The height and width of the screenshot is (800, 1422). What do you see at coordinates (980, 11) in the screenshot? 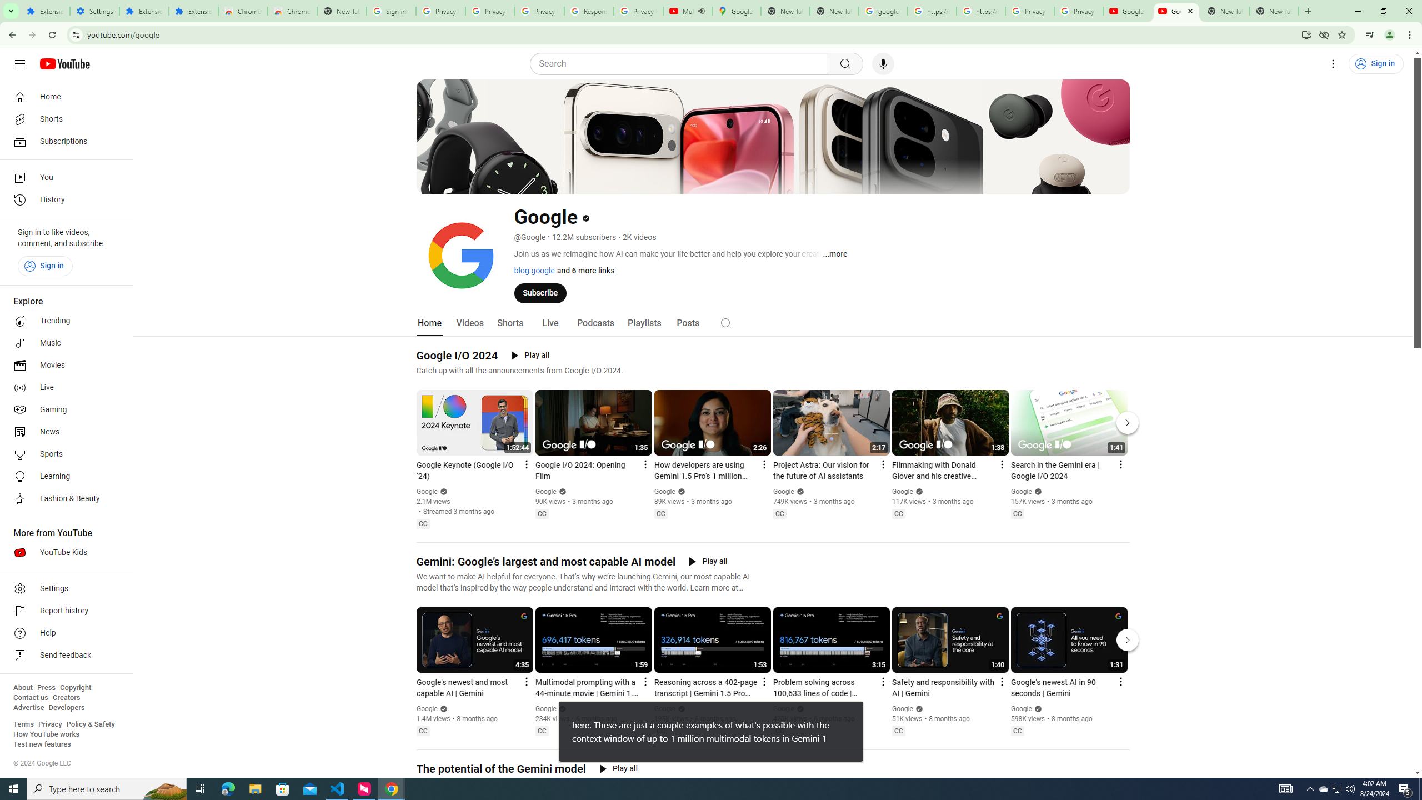
I see `'https://scholar.google.com/'` at bounding box center [980, 11].